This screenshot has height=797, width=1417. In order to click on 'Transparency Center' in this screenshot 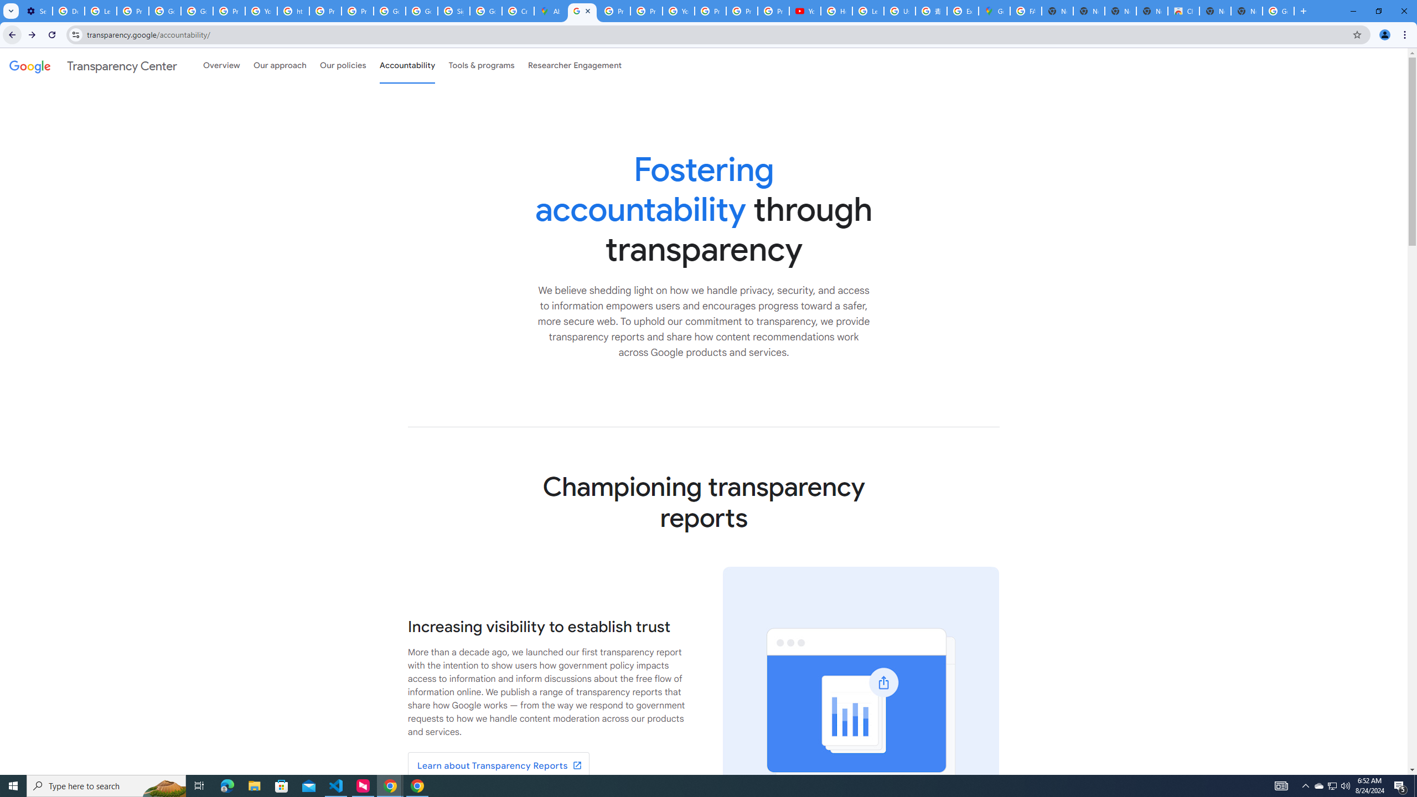, I will do `click(92, 65)`.